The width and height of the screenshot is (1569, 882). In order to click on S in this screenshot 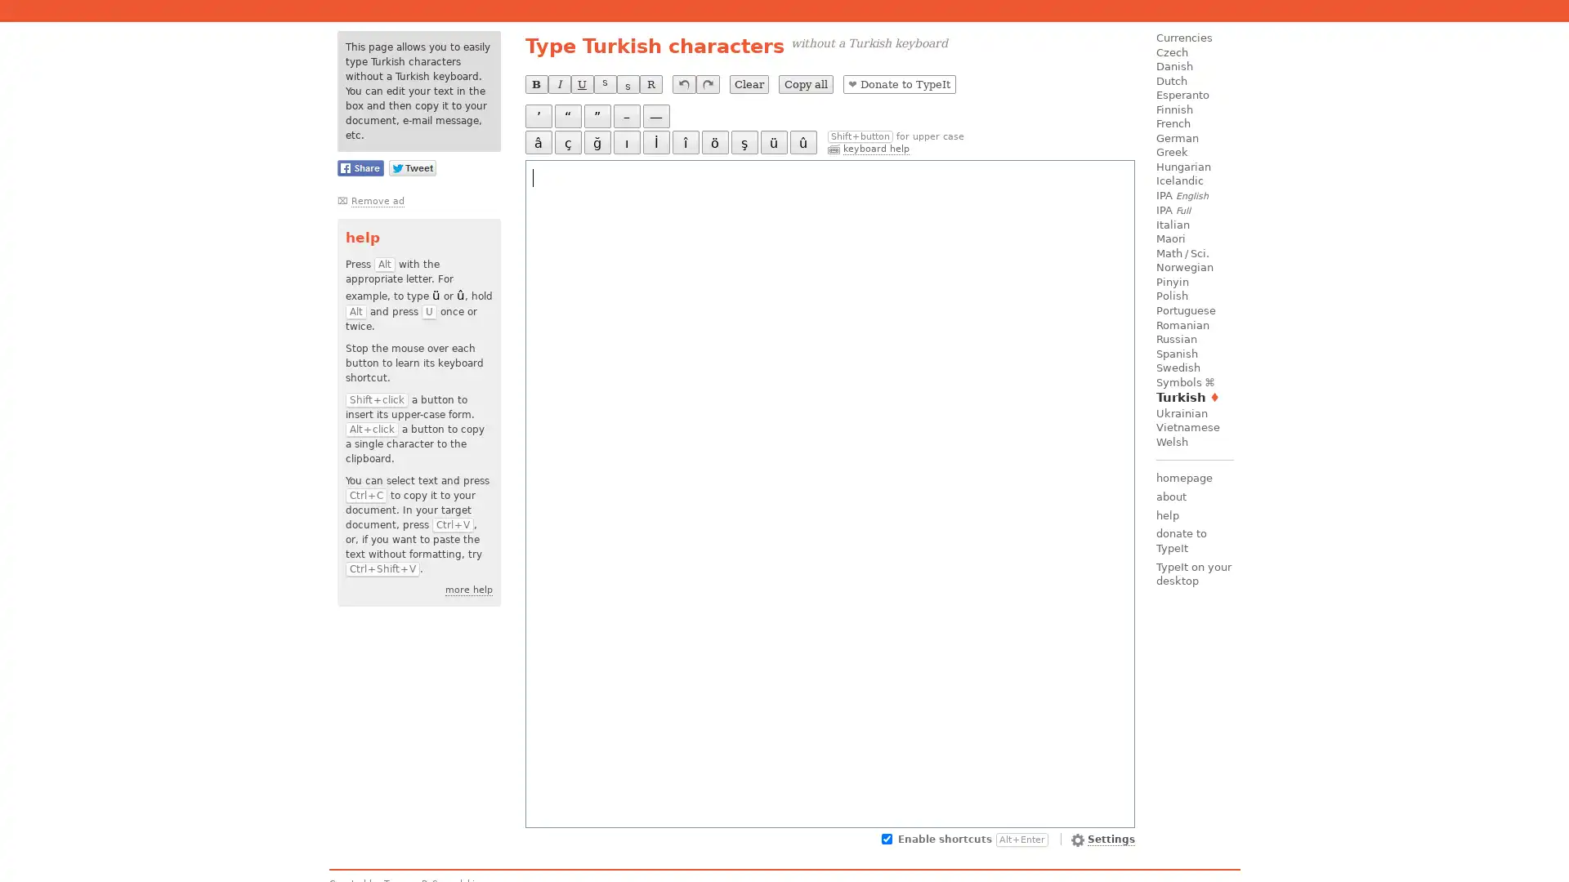, I will do `click(627, 84)`.